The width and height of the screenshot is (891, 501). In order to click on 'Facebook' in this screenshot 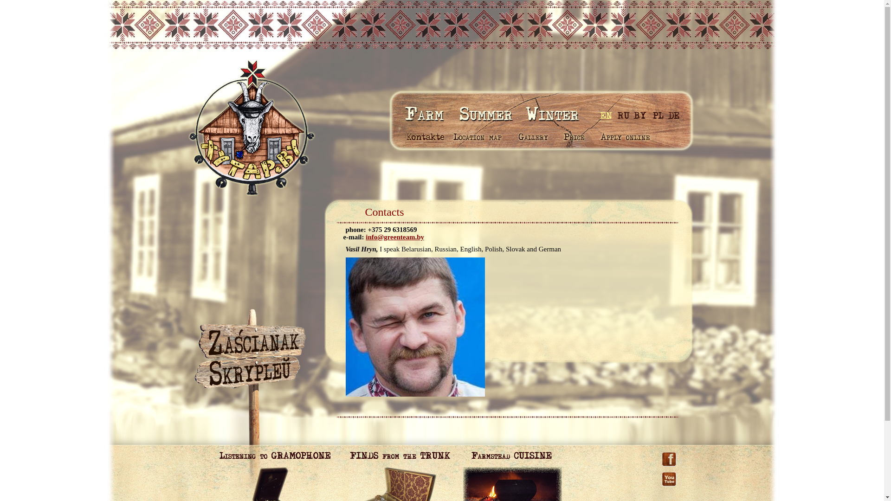, I will do `click(669, 455)`.